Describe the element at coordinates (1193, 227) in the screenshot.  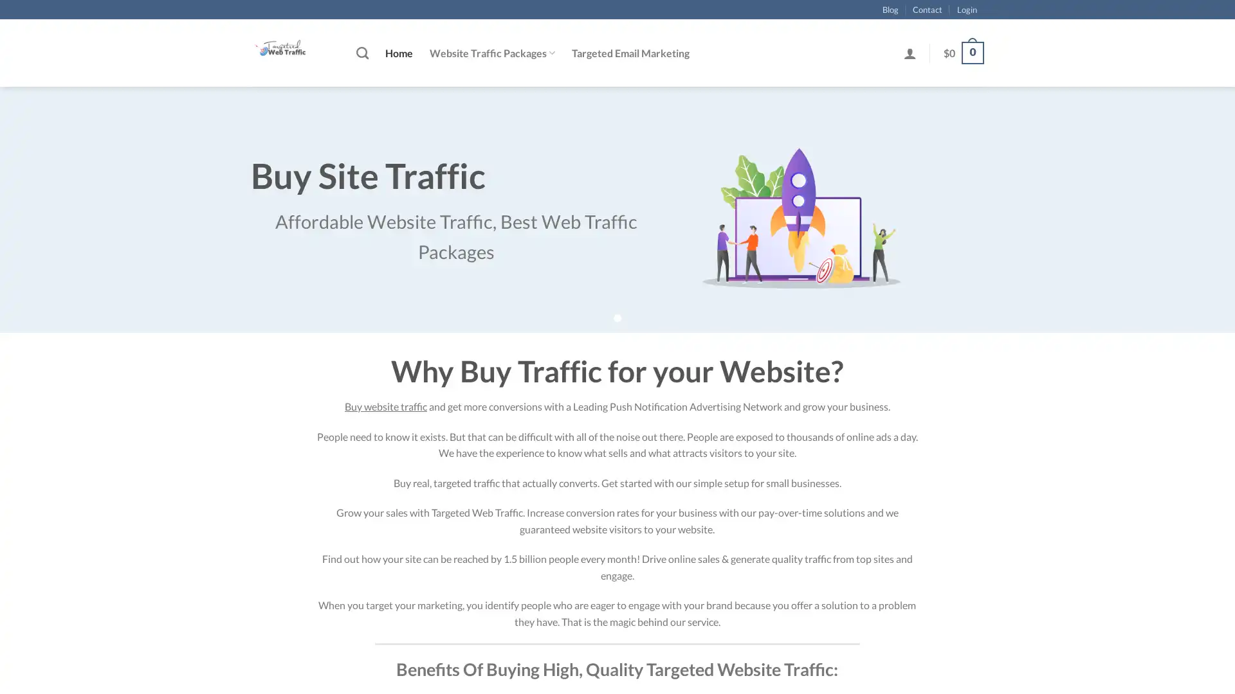
I see `Next` at that location.